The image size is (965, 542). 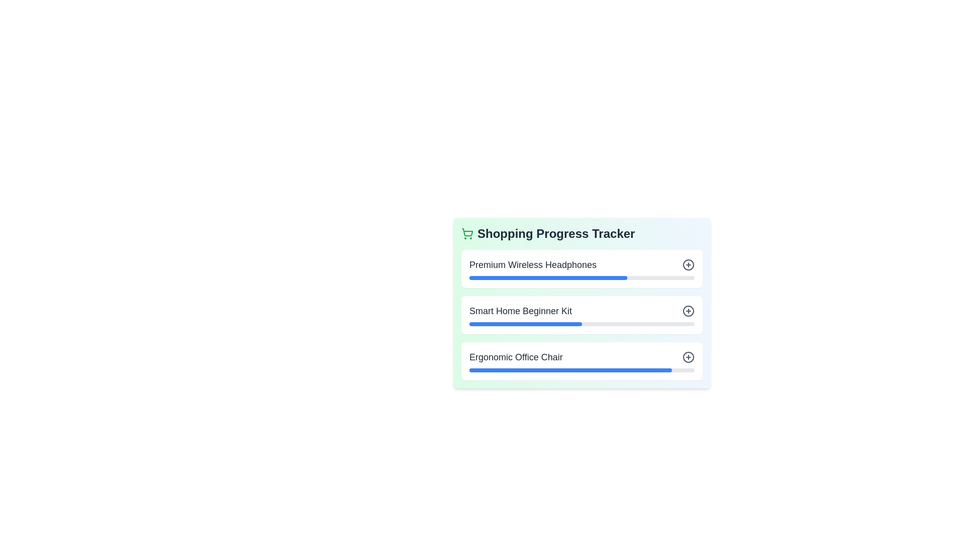 I want to click on the circular graphical element associated with the 'Smart Home Beginner Kit' label, which is visually designed as part of an icon and positioned in the middle of the right section of a horizontal row, so click(x=688, y=311).